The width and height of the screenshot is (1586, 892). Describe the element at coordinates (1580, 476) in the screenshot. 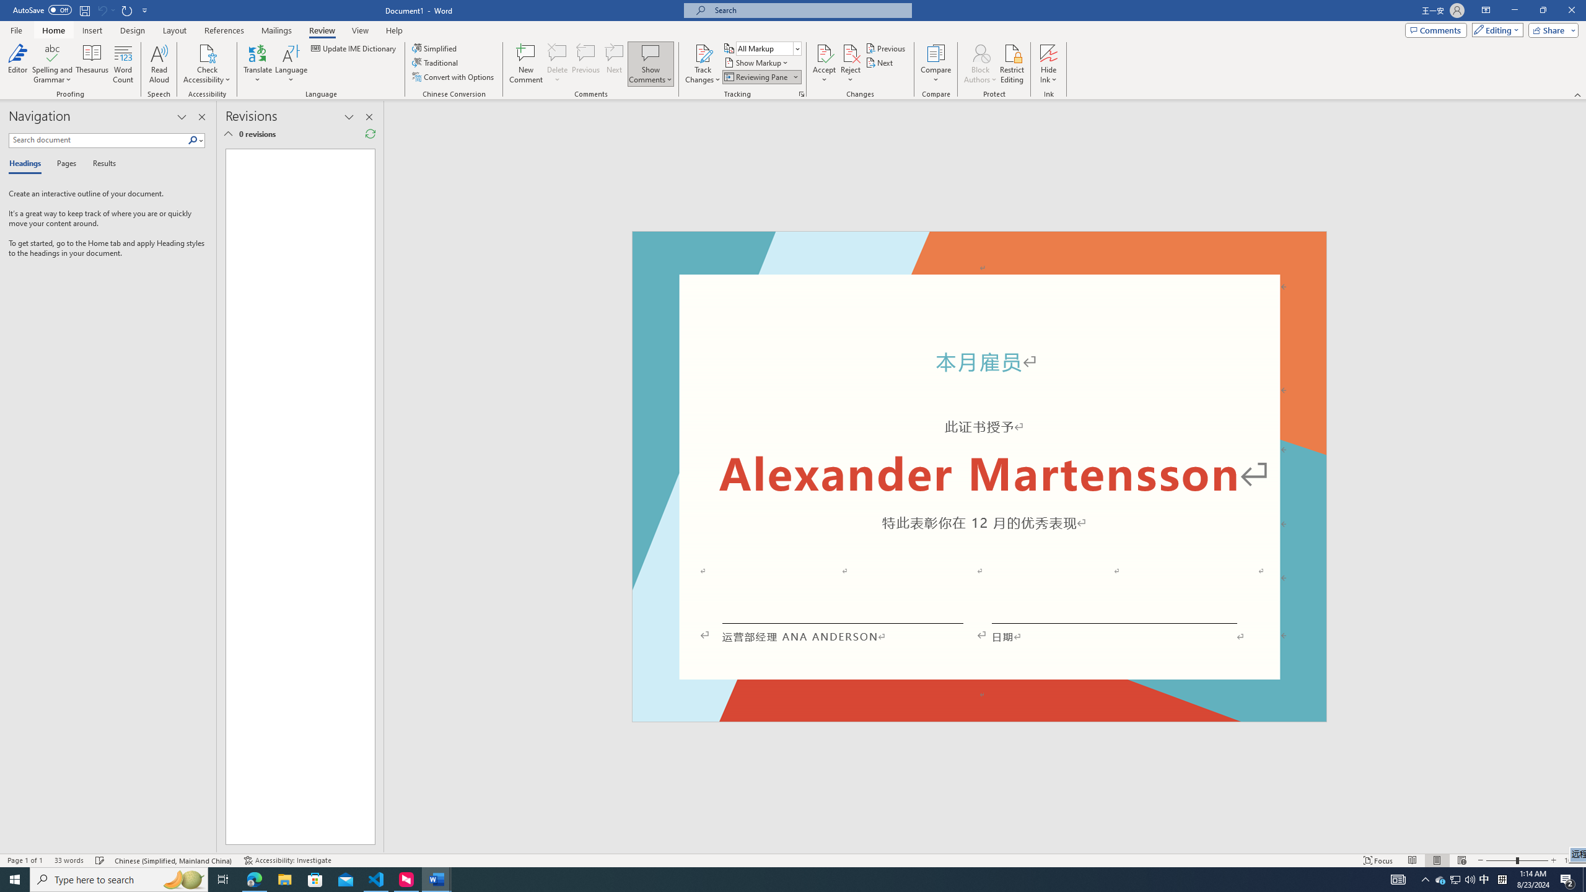

I see `'Class: NetUIScrollBar'` at that location.